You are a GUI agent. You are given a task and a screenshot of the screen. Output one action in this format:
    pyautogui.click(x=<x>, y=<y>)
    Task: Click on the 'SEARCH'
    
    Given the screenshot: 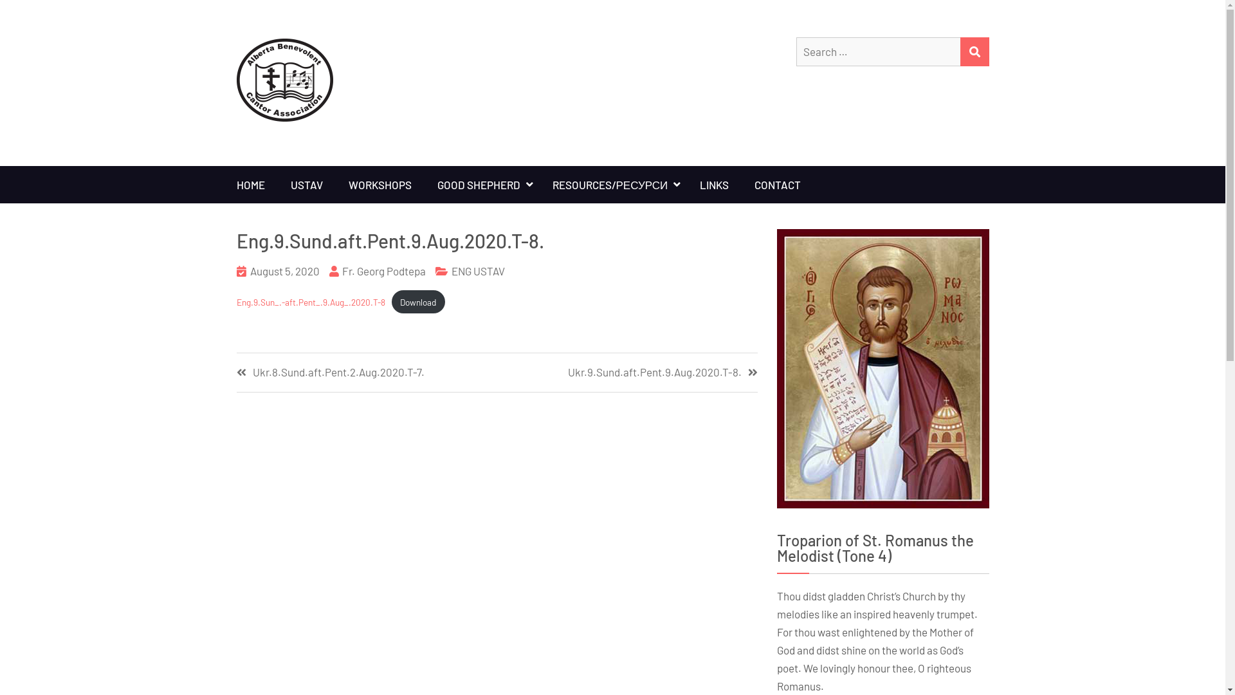 What is the action you would take?
    pyautogui.click(x=974, y=51)
    